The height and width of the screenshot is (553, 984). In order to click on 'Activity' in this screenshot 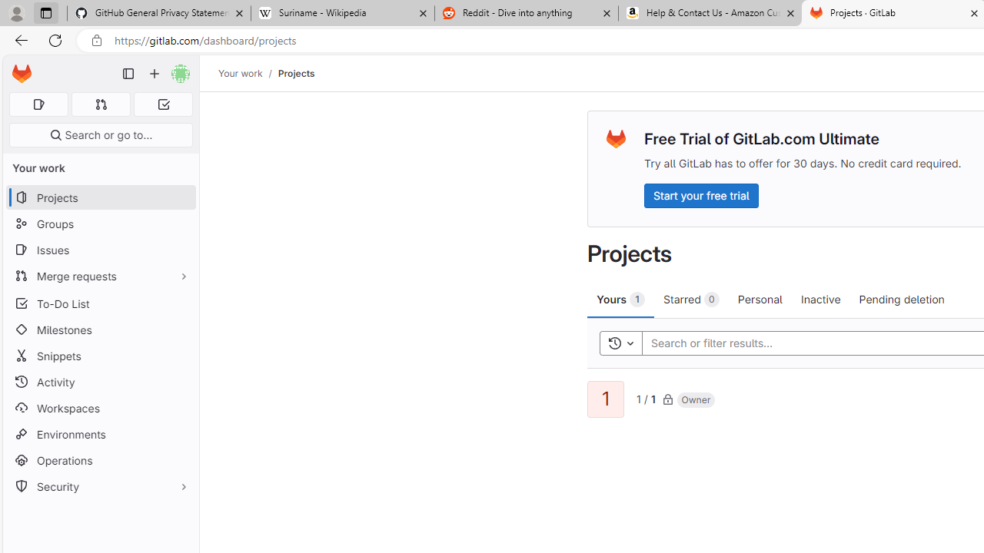, I will do `click(100, 381)`.